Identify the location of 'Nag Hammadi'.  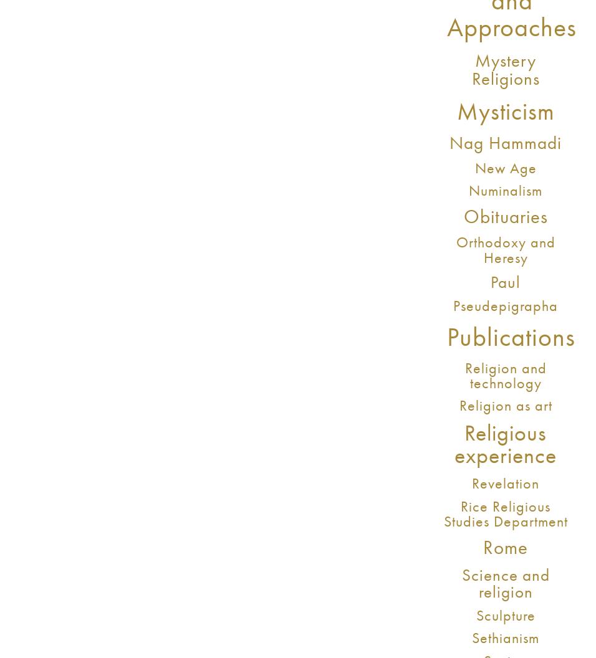
(449, 142).